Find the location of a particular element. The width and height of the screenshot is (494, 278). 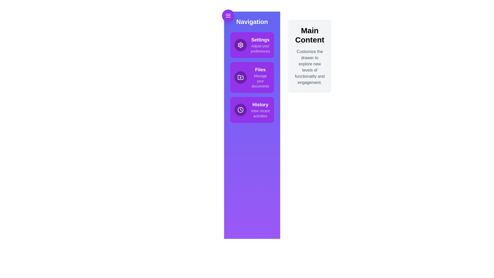

the 'Files' section to manage documents is located at coordinates (252, 77).